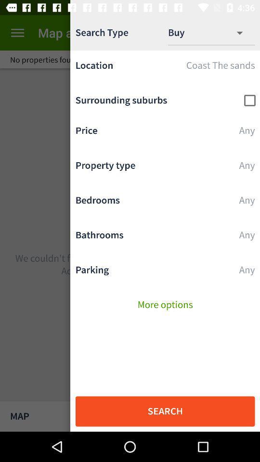  I want to click on more options which is on the top right corner of the page, so click(245, 33).